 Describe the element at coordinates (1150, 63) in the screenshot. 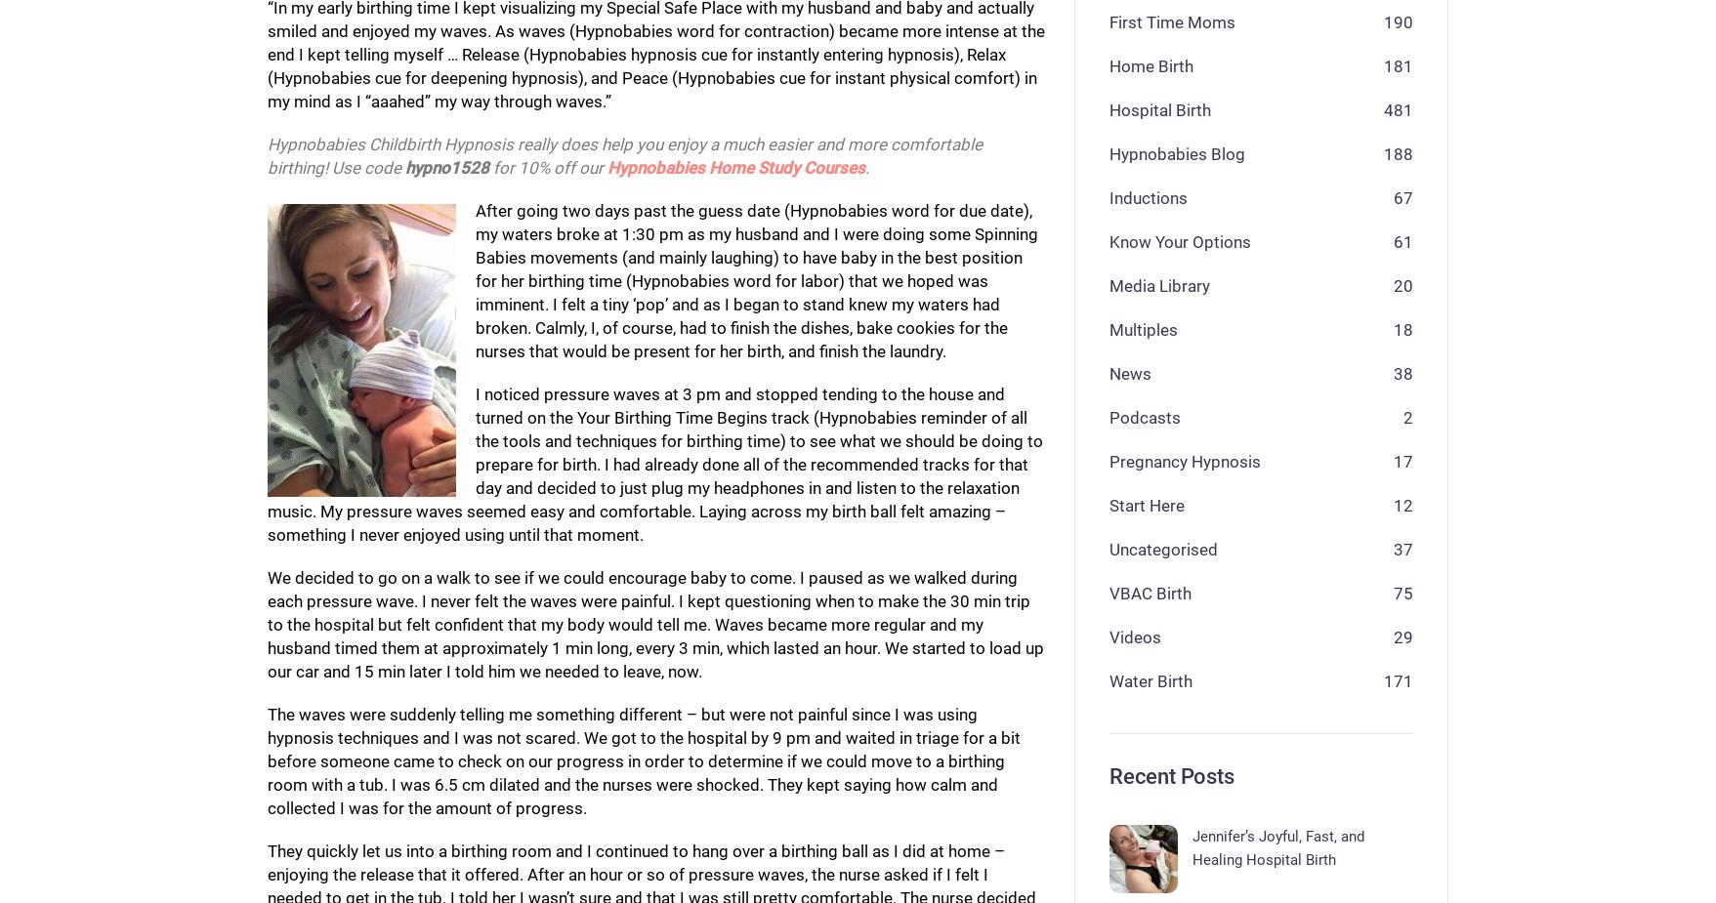

I see `'Home Birth'` at that location.